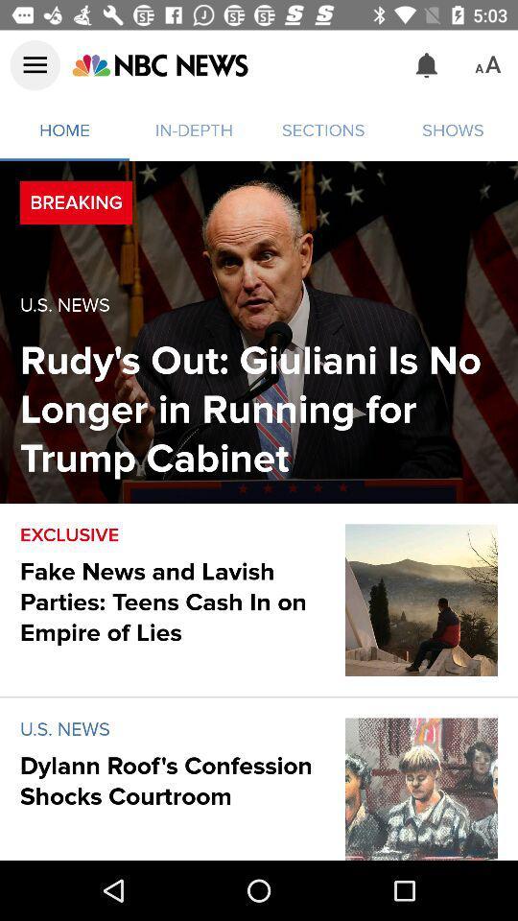 The image size is (518, 921). What do you see at coordinates (158, 65) in the screenshot?
I see `visit nbc news homepage` at bounding box center [158, 65].